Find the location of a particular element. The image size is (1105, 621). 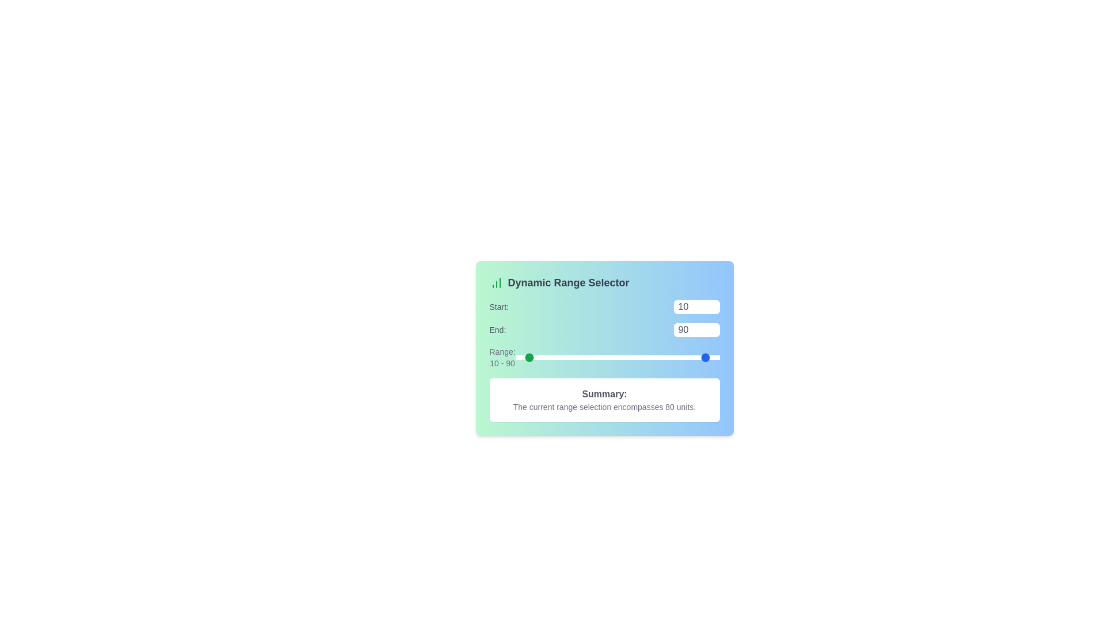

the 'Start' range slider to 4 is located at coordinates (519, 356).